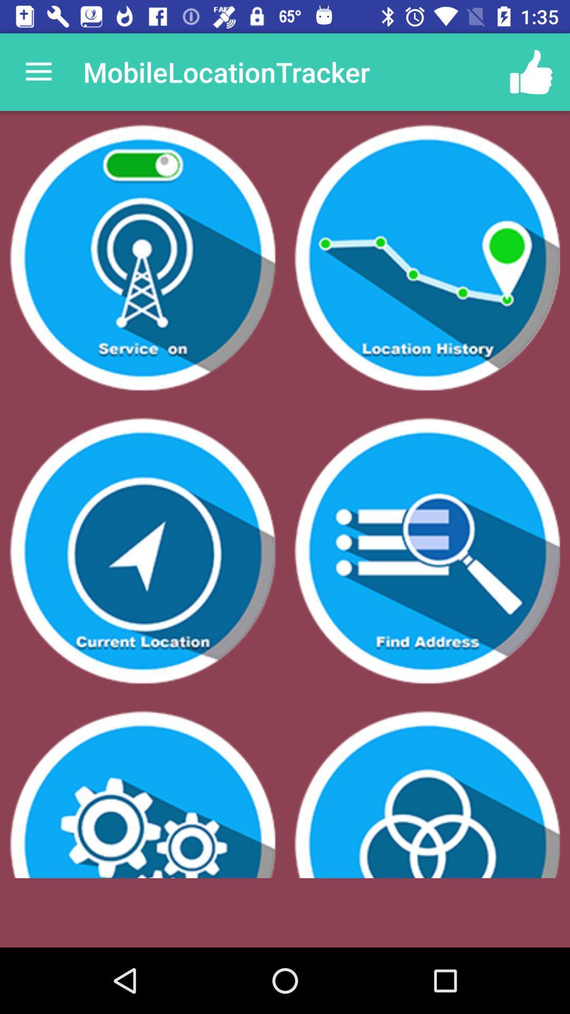  Describe the element at coordinates (531, 71) in the screenshot. I see `the icon to the right of the mobilelocationtracker item` at that location.